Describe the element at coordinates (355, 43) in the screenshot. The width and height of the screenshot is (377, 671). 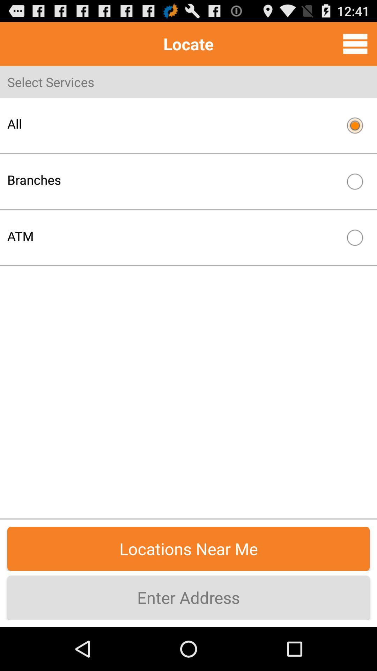
I see `open menu` at that location.